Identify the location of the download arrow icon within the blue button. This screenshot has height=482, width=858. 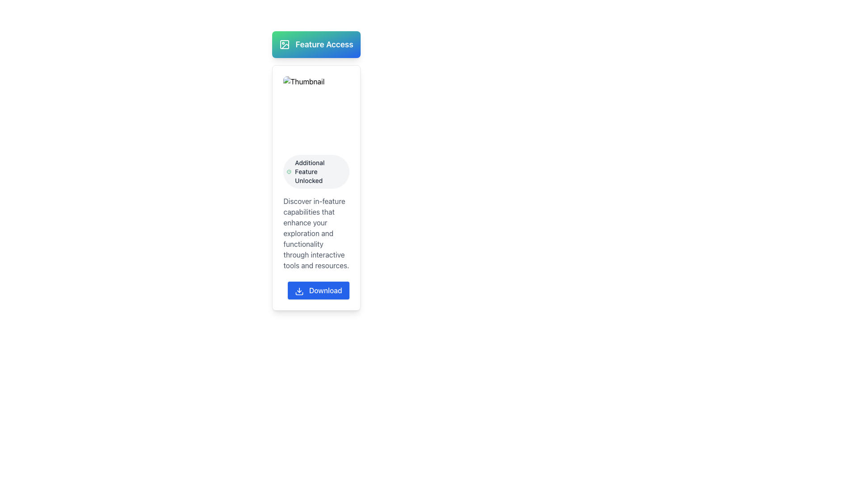
(299, 291).